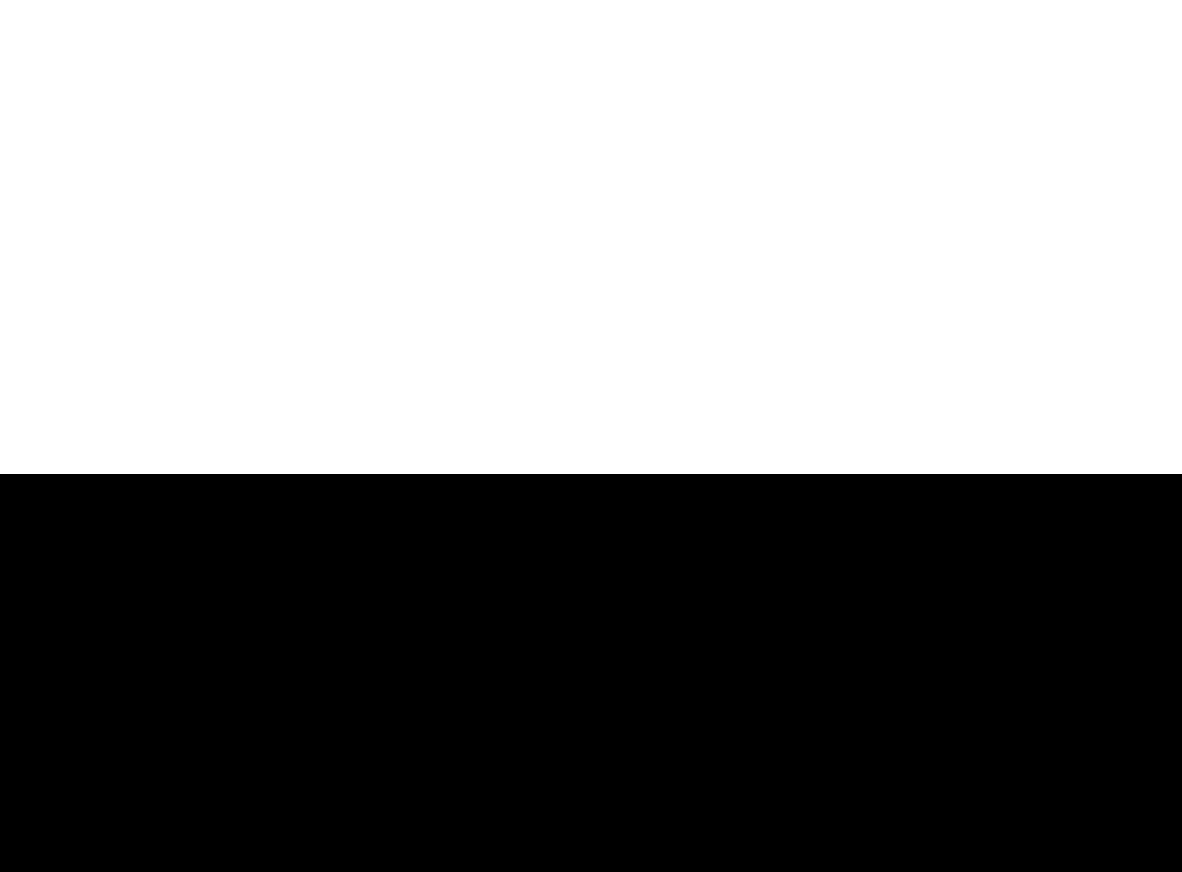 This screenshot has width=1182, height=872. I want to click on 'More TNW', so click(625, 528).